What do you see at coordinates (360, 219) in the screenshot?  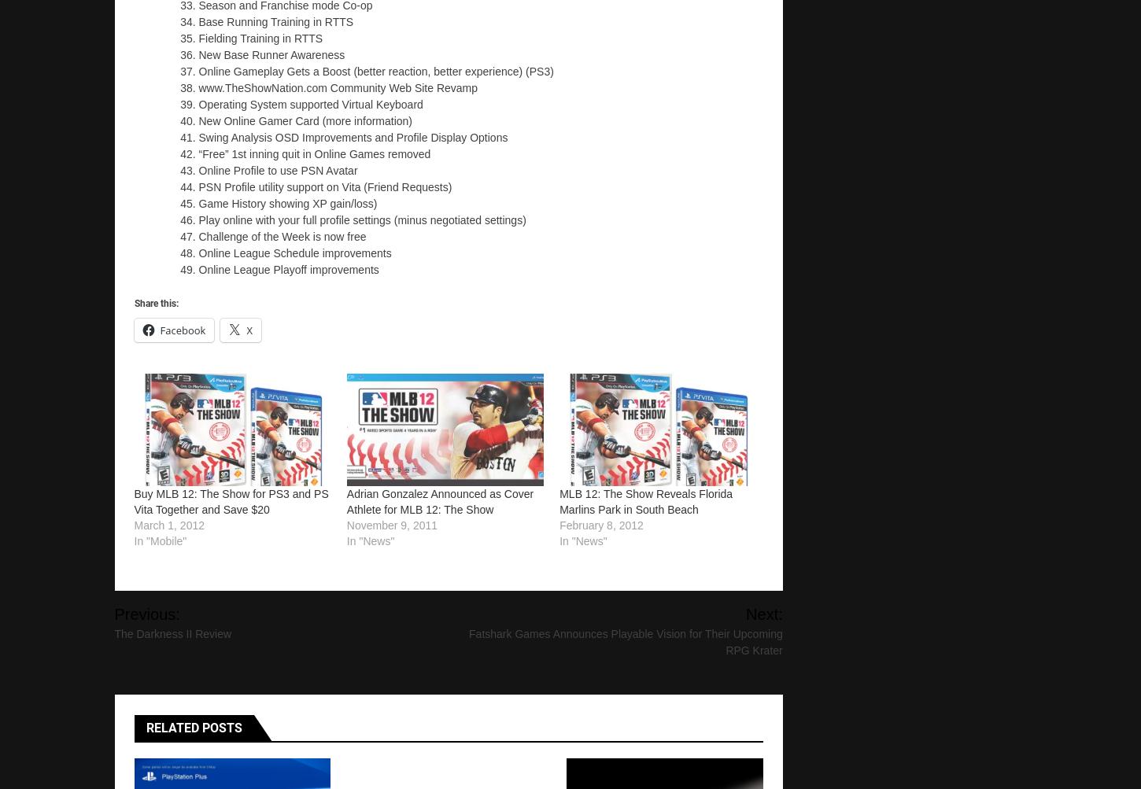 I see `'Play online with your full profile settings (minus negotiated settings)'` at bounding box center [360, 219].